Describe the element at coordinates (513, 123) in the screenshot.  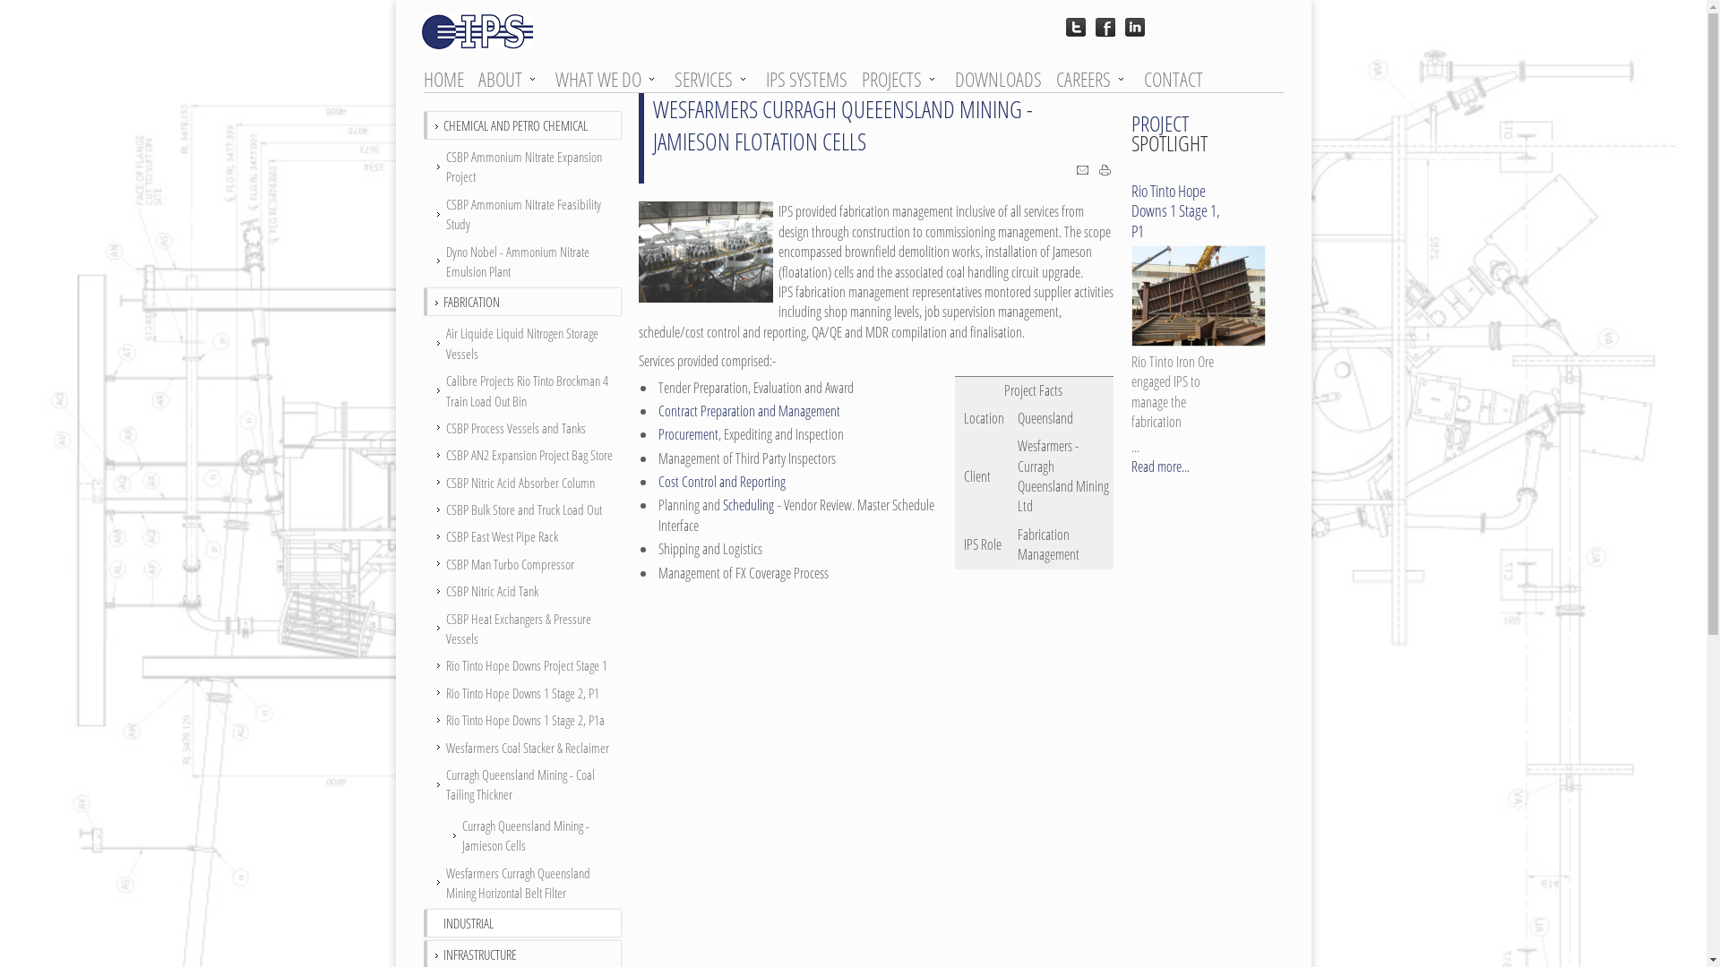
I see `'CHEMICAL AND PETRO CHEMICAL'` at that location.